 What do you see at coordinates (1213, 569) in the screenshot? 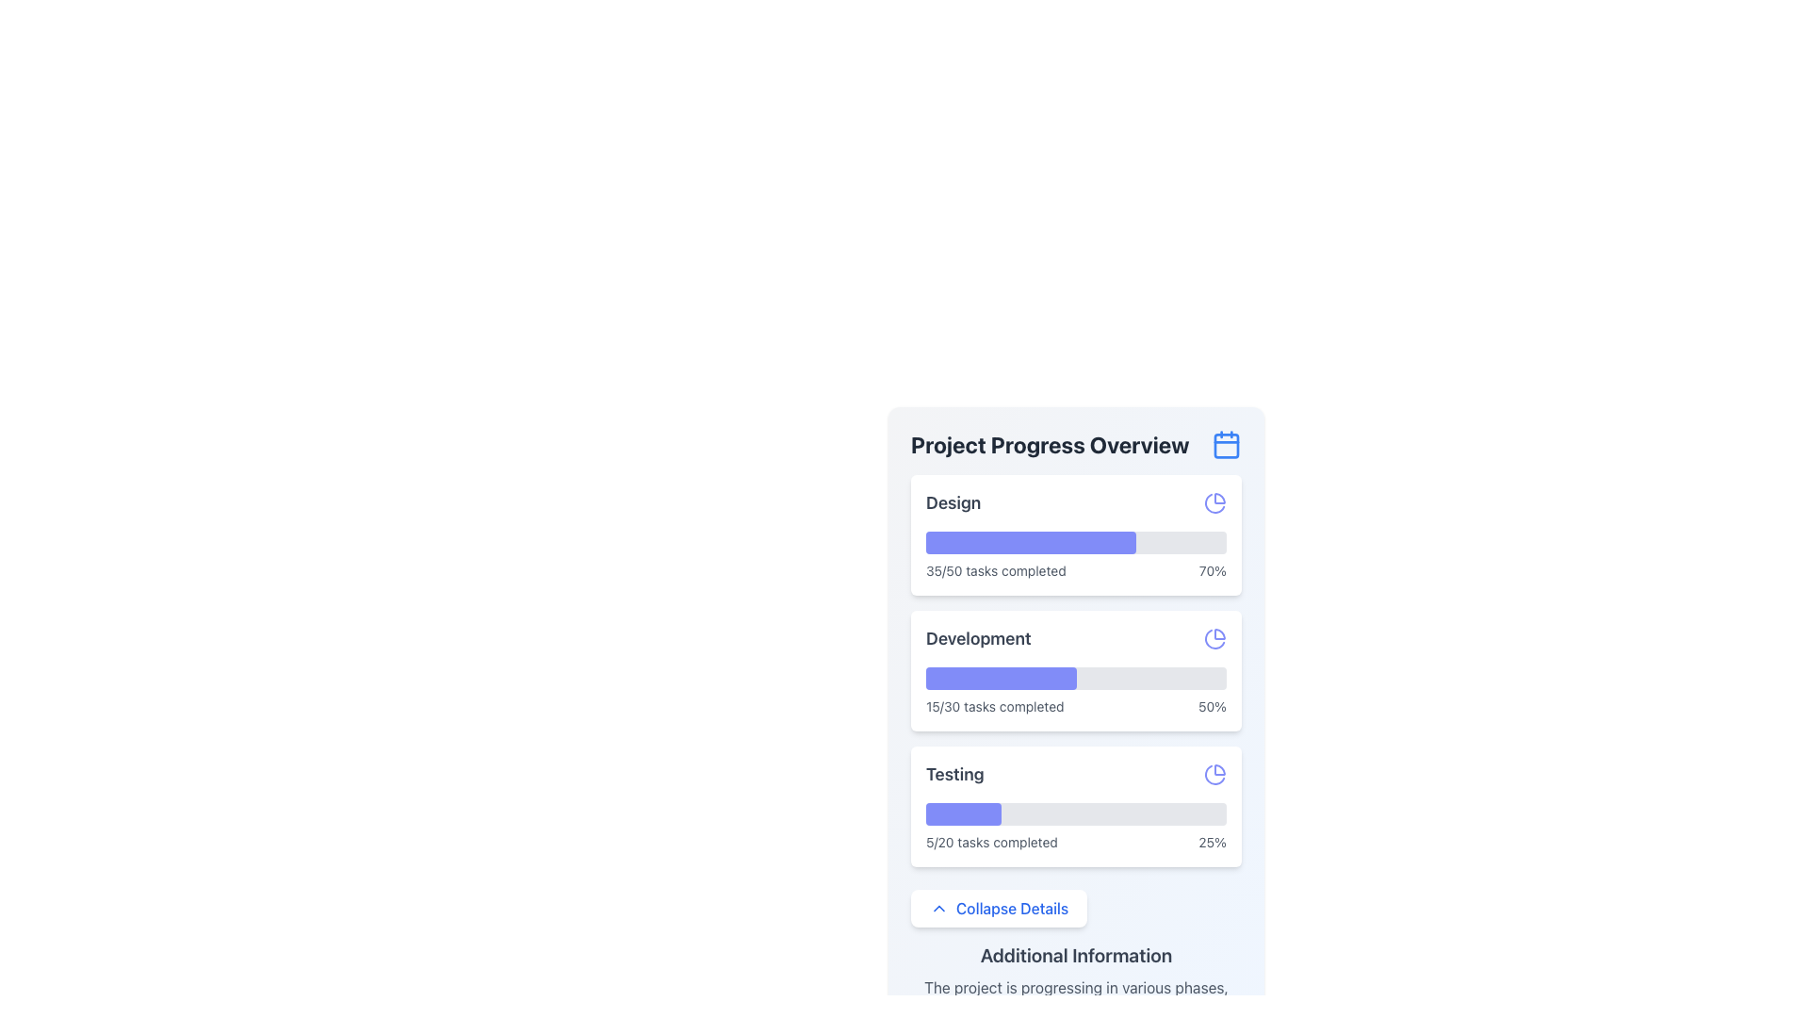
I see `the Static Text Label that visually represents the progress percentage for the task in the 'Design' progress card, located near the upper-right corner` at bounding box center [1213, 569].